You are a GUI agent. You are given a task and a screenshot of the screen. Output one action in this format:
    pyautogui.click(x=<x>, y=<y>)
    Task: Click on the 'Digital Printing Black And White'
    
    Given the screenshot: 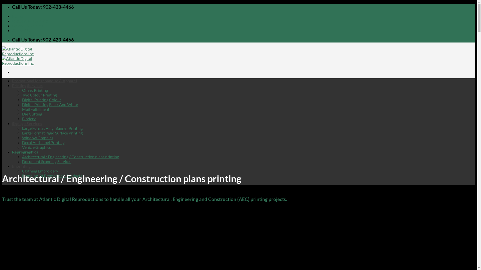 What is the action you would take?
    pyautogui.click(x=50, y=104)
    